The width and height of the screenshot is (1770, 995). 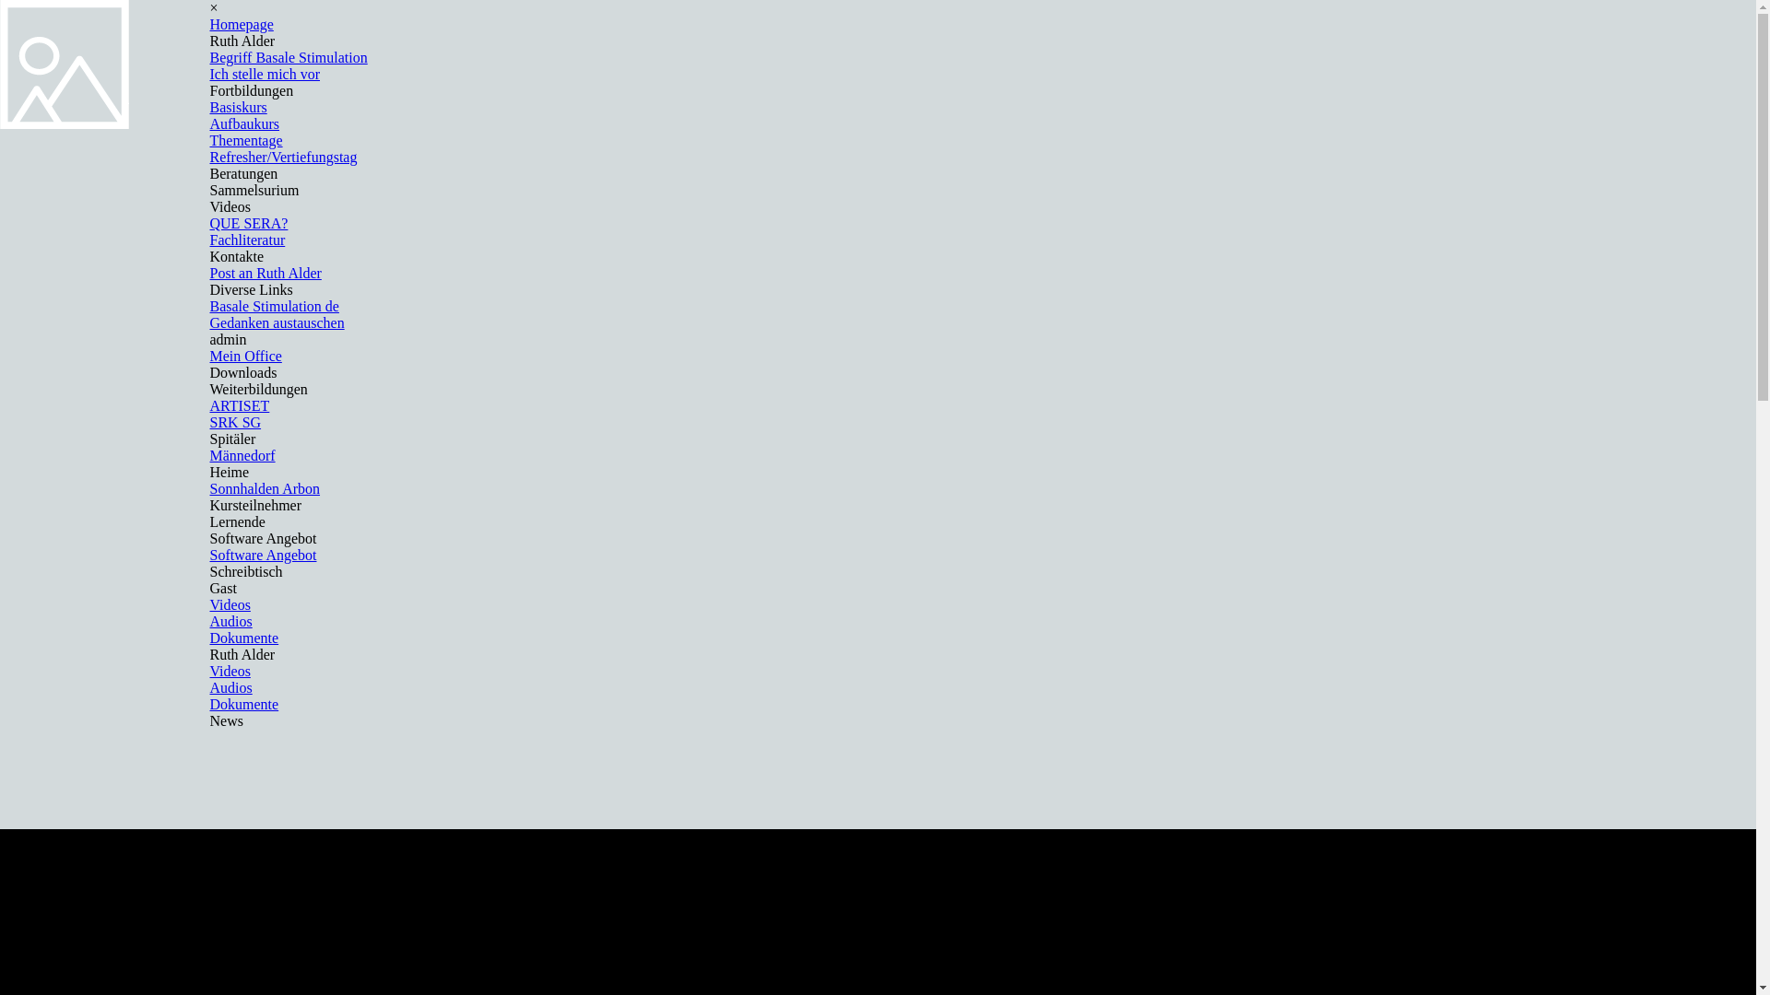 What do you see at coordinates (245, 356) in the screenshot?
I see `'Mein Office'` at bounding box center [245, 356].